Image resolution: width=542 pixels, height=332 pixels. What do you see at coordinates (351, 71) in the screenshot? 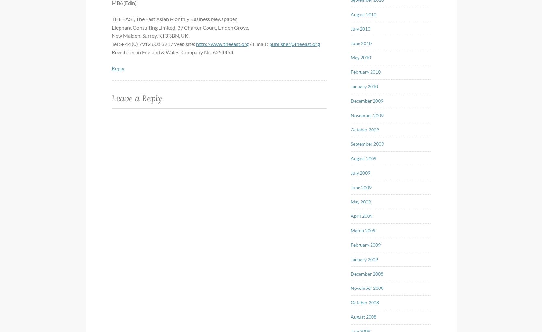
I see `'February 2010'` at bounding box center [351, 71].